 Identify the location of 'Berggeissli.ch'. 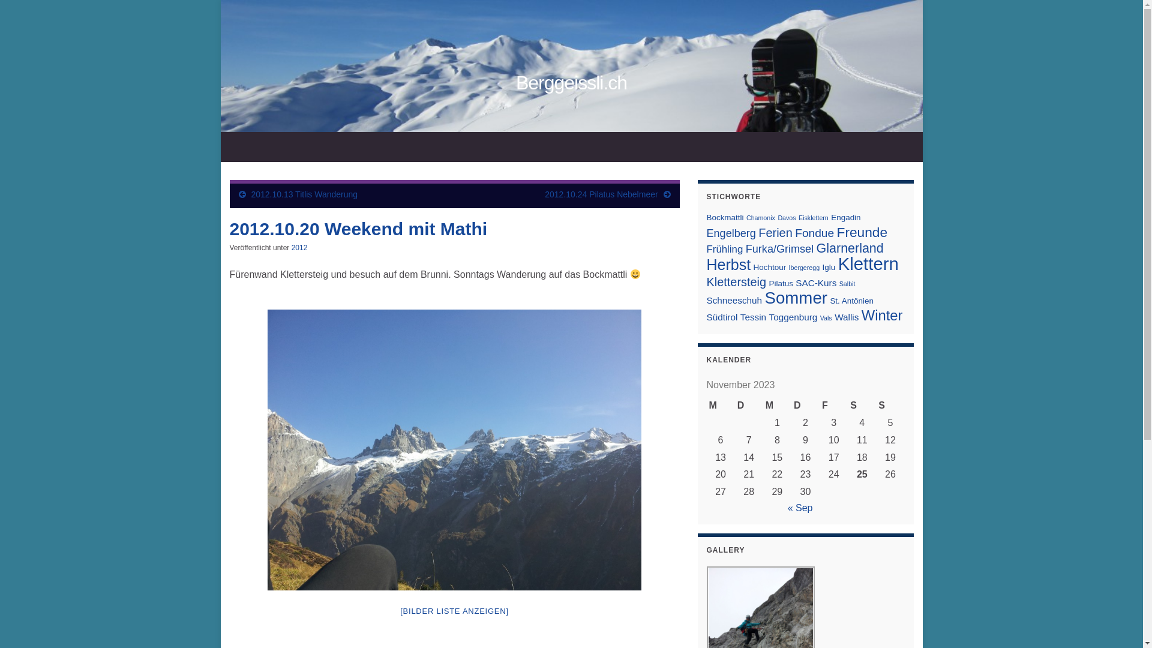
(571, 80).